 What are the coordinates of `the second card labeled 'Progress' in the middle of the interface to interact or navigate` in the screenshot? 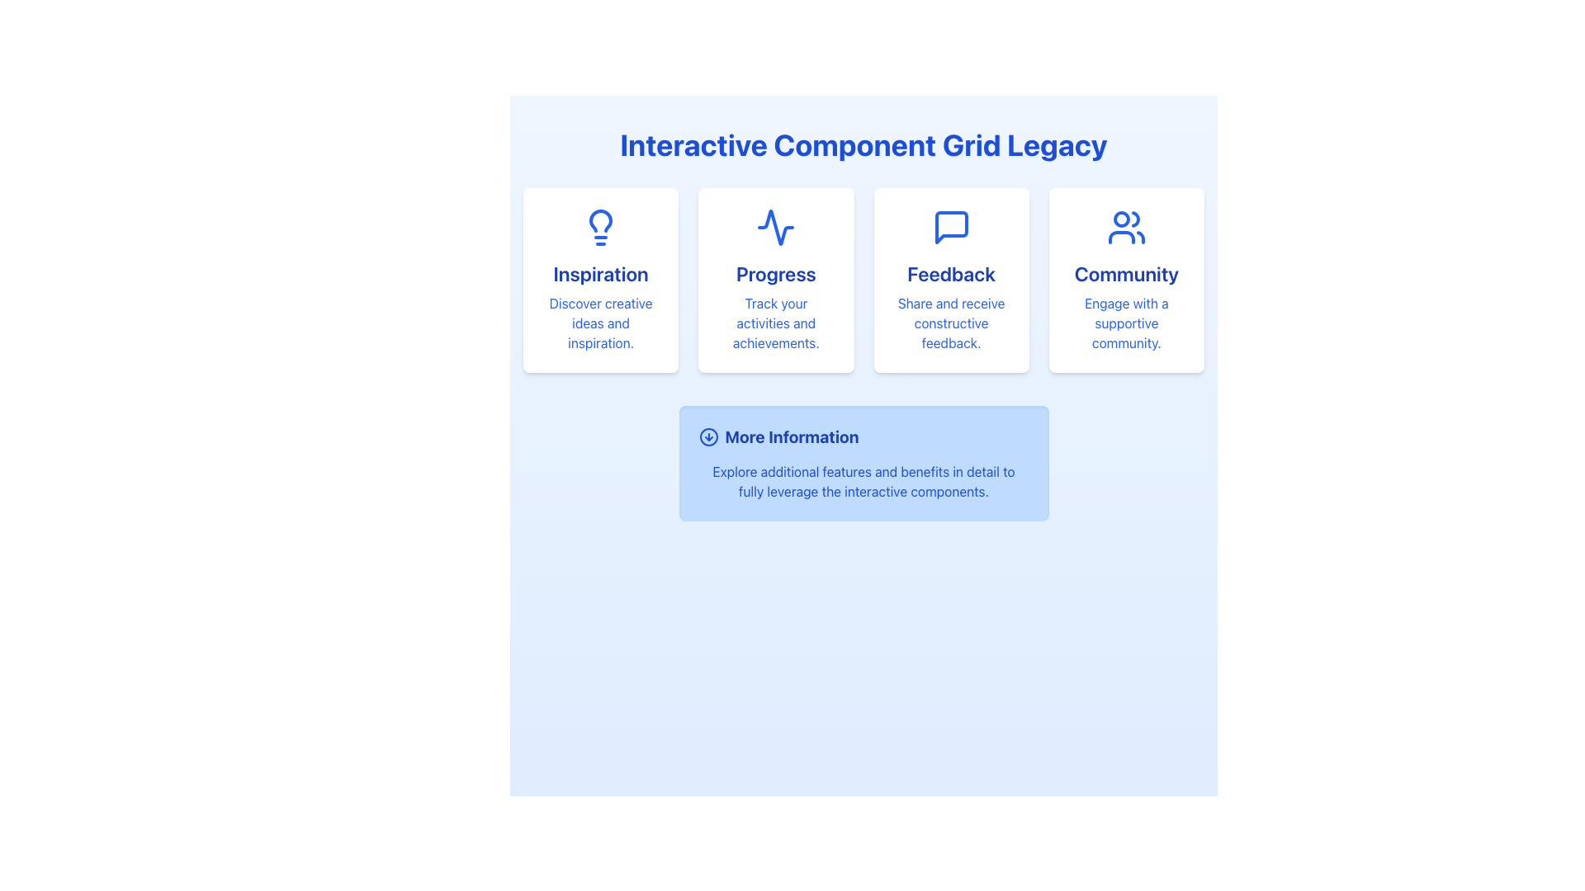 It's located at (775, 279).